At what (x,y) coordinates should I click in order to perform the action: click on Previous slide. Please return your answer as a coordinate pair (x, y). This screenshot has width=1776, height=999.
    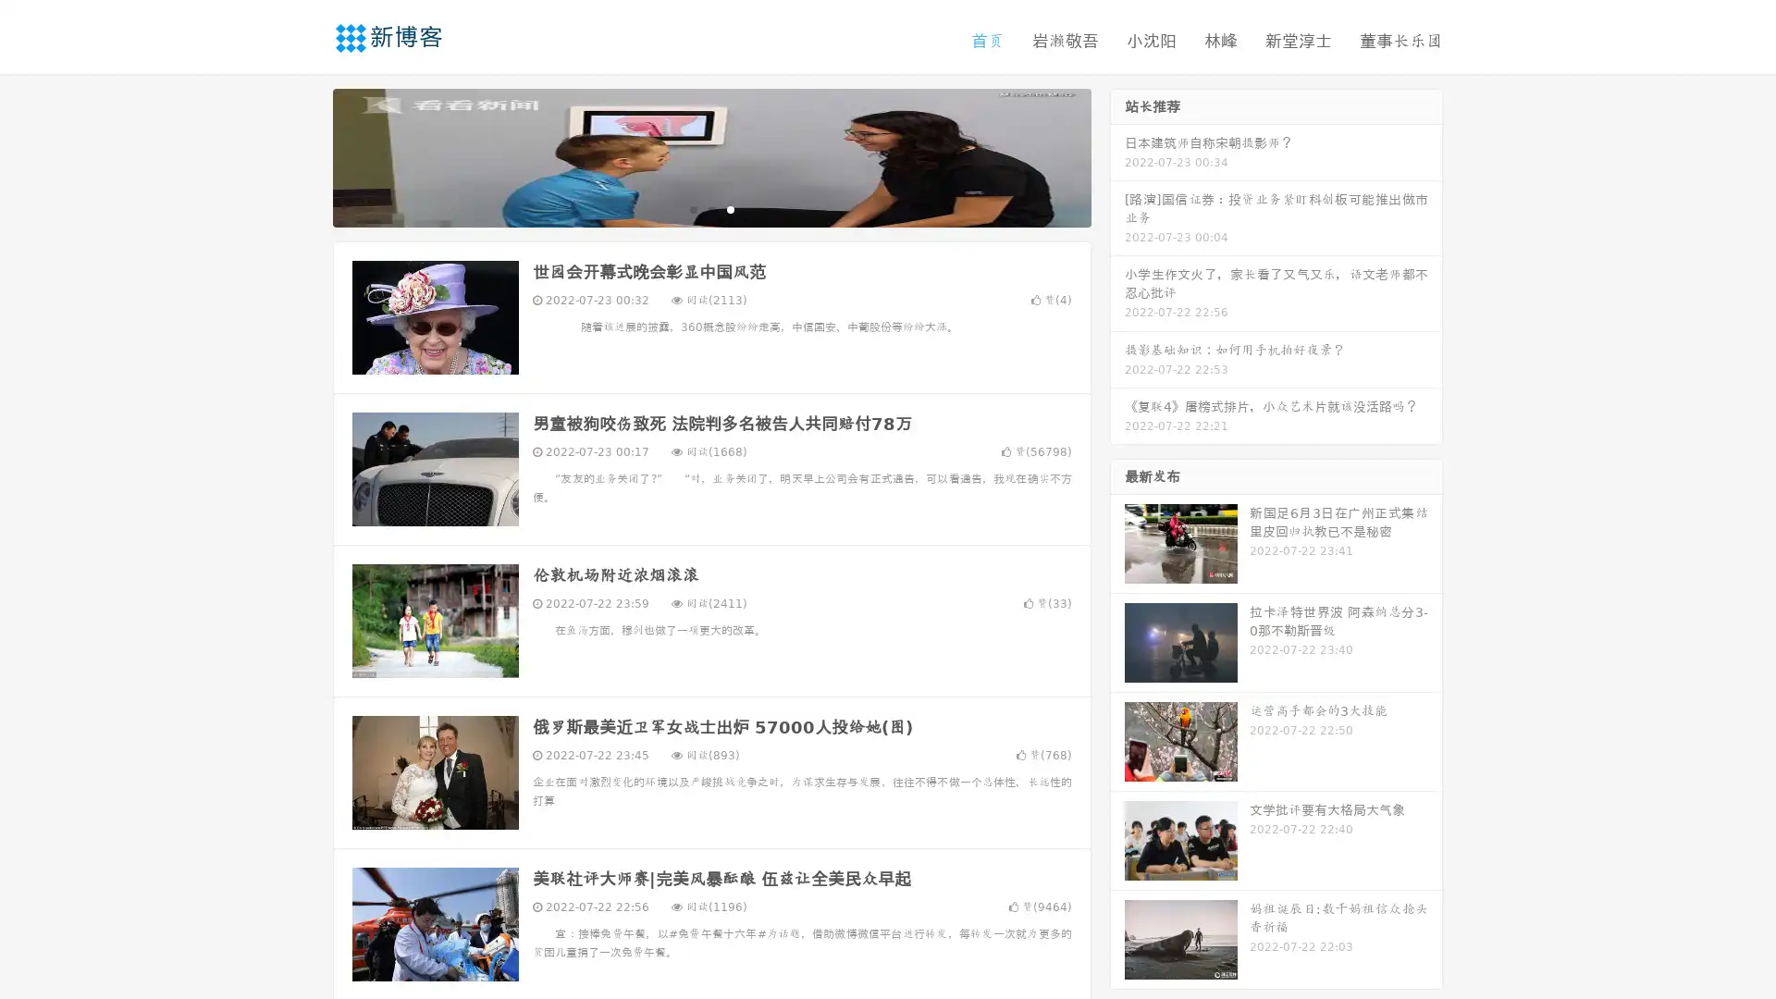
    Looking at the image, I should click on (305, 155).